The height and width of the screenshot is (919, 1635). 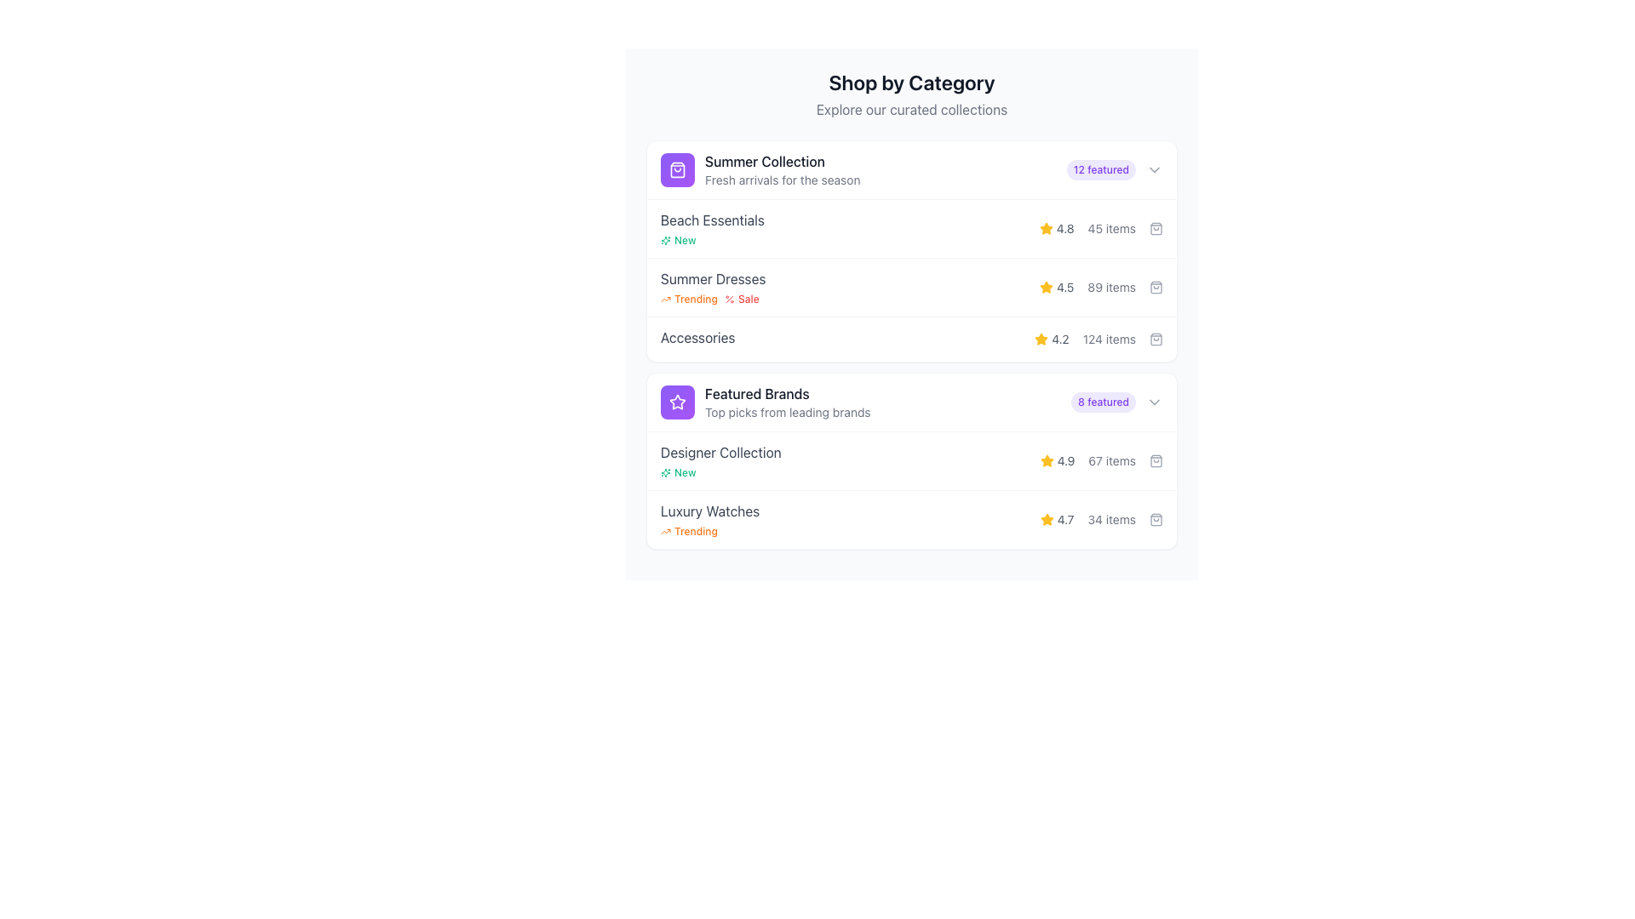 What do you see at coordinates (685, 240) in the screenshot?
I see `the text label 'New' which is positioned to the right of the sparkles icon within the 'Beach Essentials' category` at bounding box center [685, 240].